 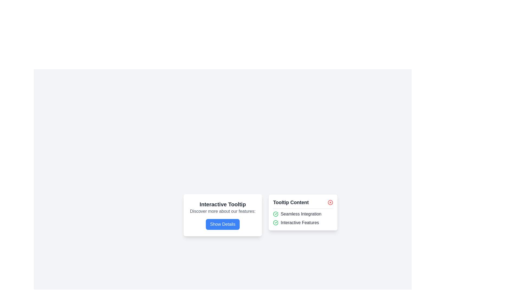 I want to click on the close button located in the header section labeled 'Tooltip Content', so click(x=330, y=202).